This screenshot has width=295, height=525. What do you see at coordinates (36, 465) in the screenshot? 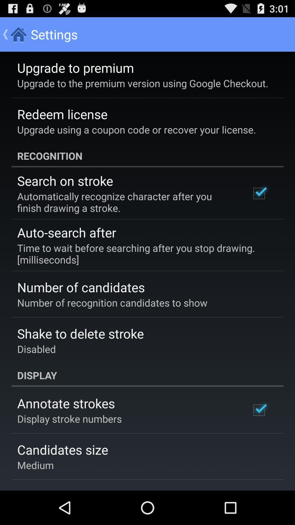
I see `the item below the candidates size` at bounding box center [36, 465].